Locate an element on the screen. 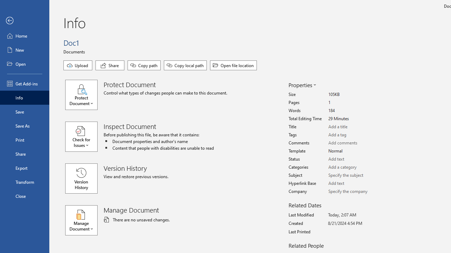 The image size is (451, 253). 'New' is located at coordinates (24, 49).